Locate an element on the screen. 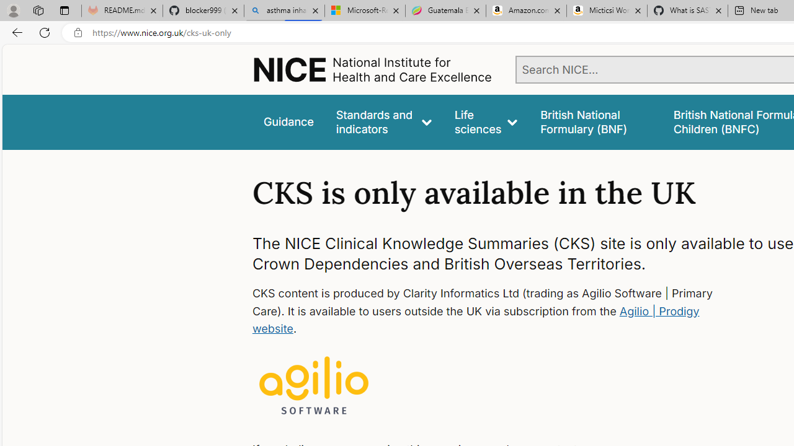  'Refresh' is located at coordinates (45, 32).